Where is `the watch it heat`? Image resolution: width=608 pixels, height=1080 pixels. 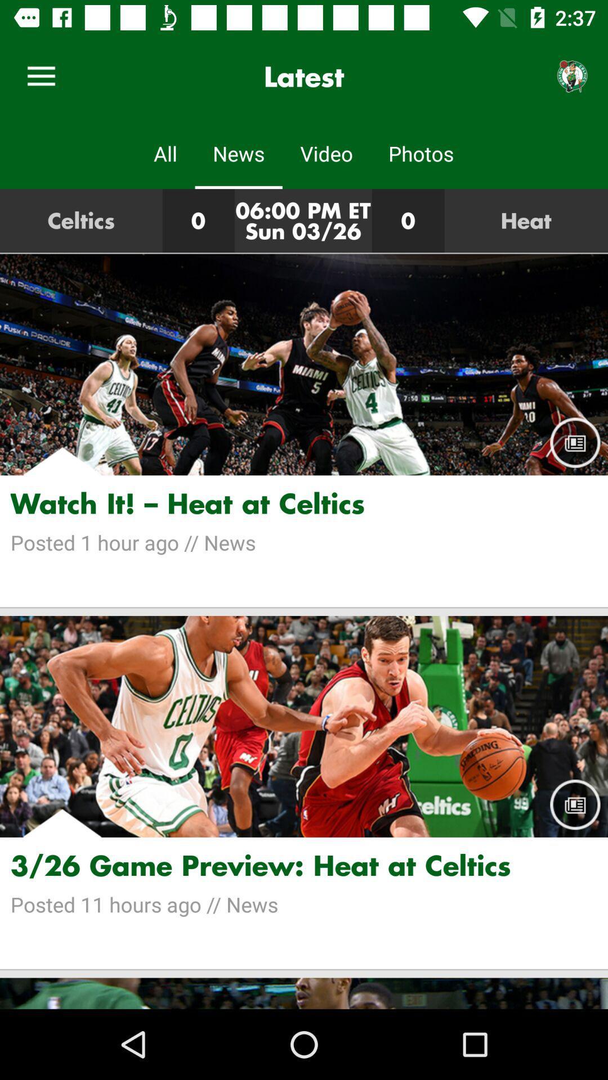
the watch it heat is located at coordinates (304, 503).